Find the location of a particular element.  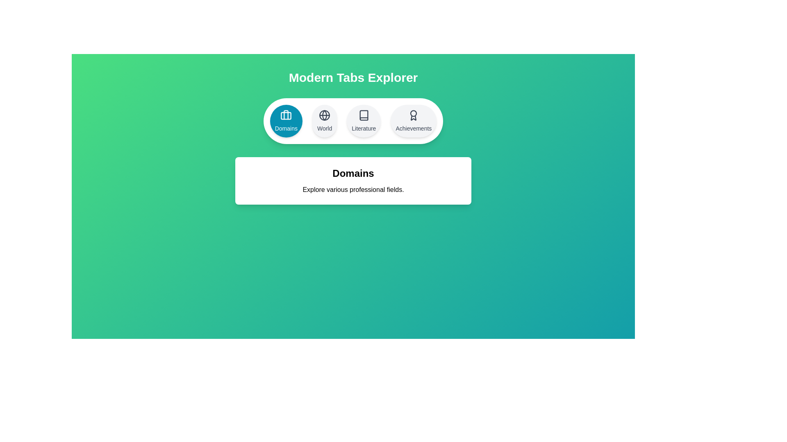

the tab labeled Achievements is located at coordinates (413, 121).